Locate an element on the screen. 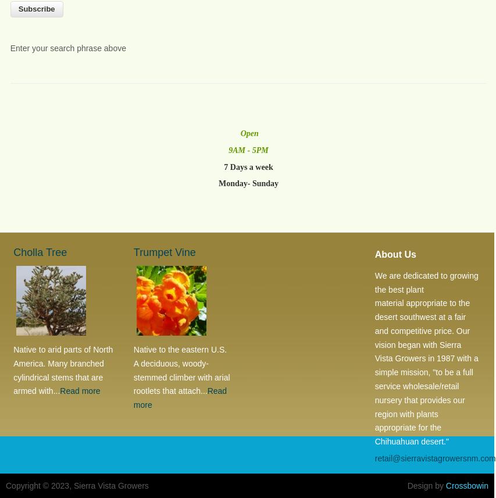 Image resolution: width=496 pixels, height=498 pixels. 'Enter your search phrase above' is located at coordinates (67, 48).